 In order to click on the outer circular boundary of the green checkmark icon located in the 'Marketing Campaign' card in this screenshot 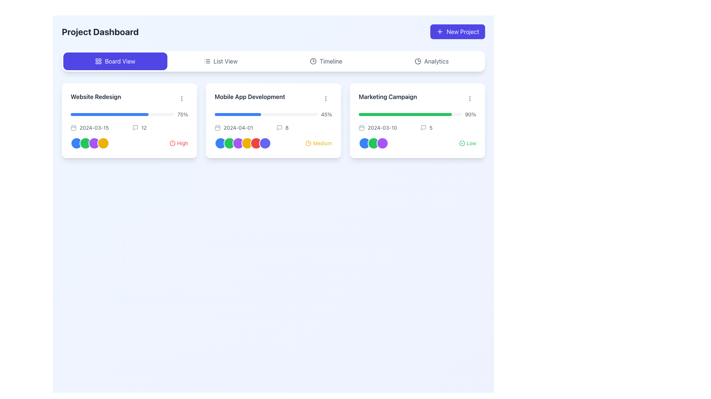, I will do `click(462, 143)`.